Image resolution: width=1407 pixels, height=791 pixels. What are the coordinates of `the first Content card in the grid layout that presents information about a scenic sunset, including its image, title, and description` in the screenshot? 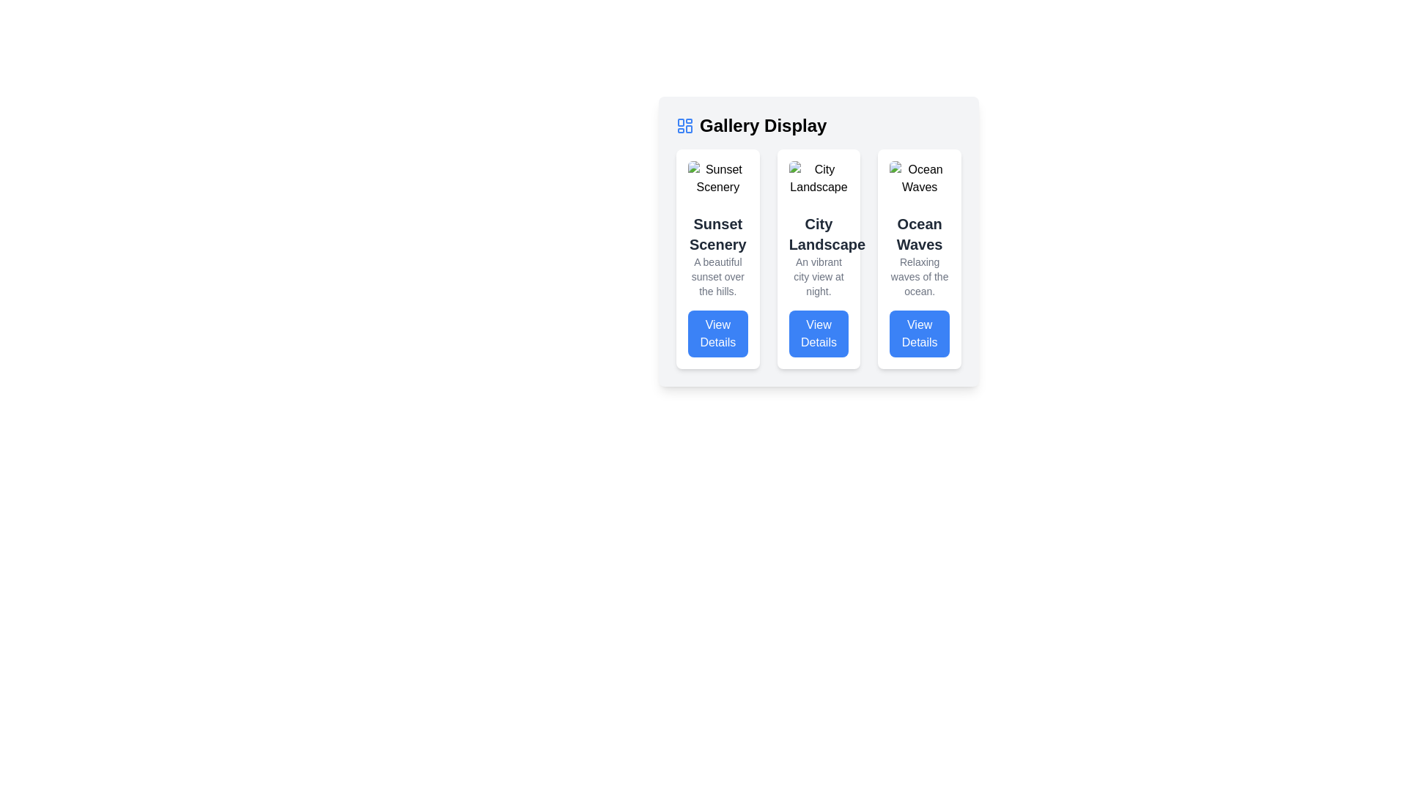 It's located at (717, 259).